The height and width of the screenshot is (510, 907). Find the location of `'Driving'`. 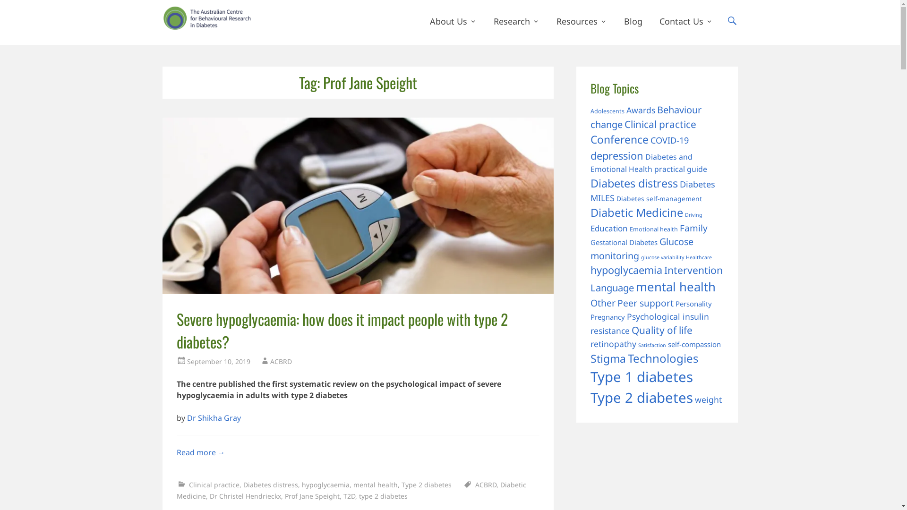

'Driving' is located at coordinates (693, 215).